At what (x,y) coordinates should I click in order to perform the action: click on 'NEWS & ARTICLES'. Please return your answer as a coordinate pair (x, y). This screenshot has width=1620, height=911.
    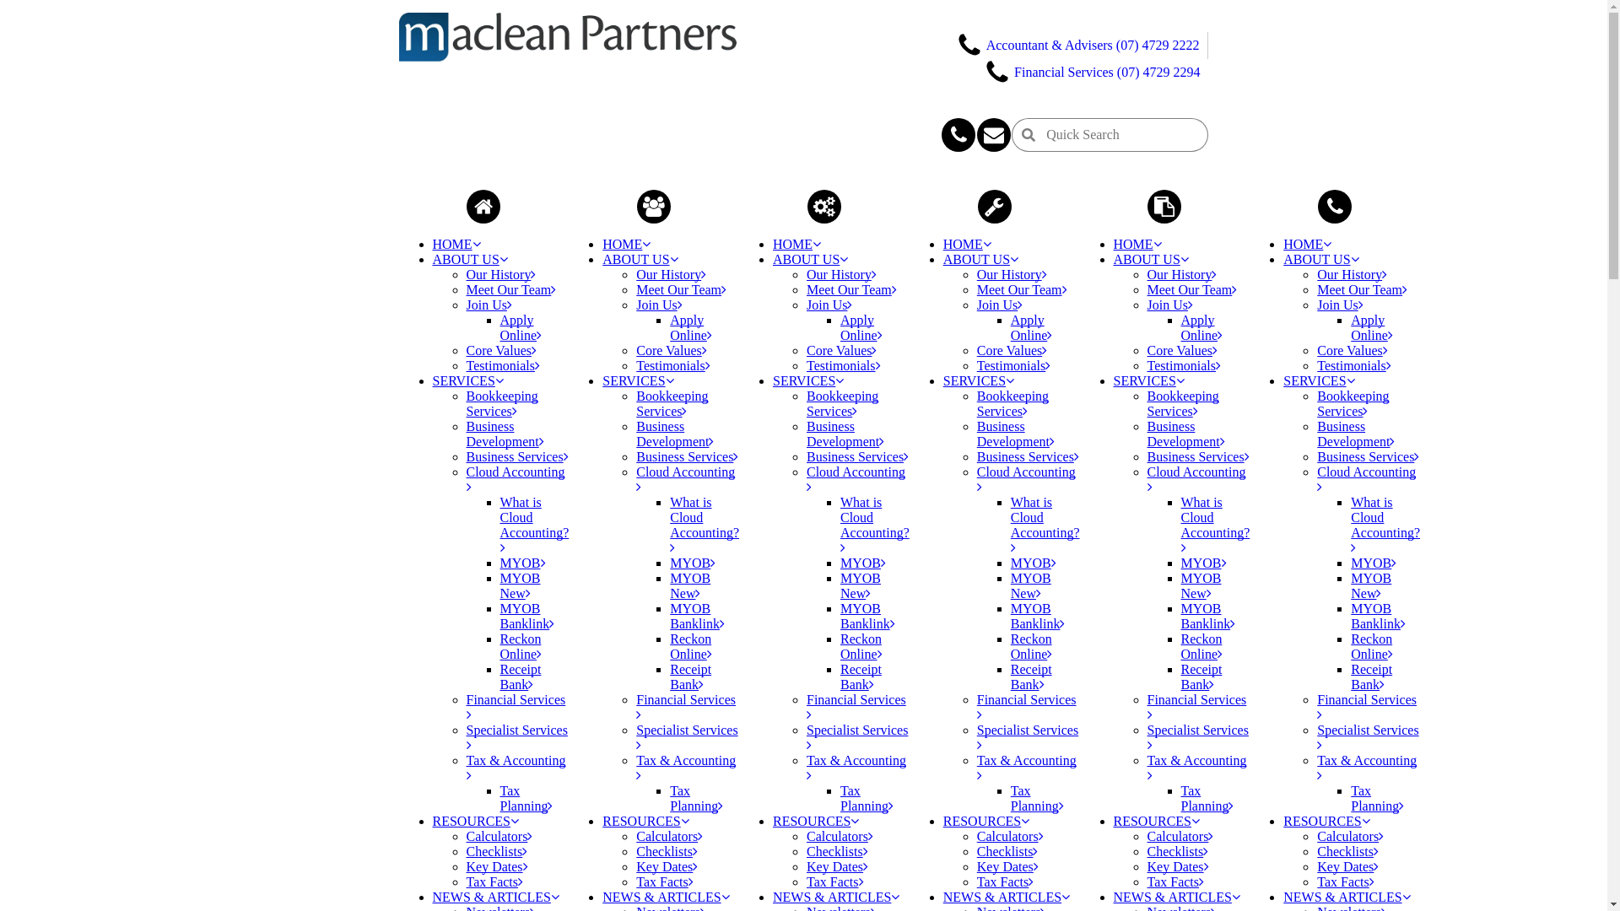
    Looking at the image, I should click on (664, 896).